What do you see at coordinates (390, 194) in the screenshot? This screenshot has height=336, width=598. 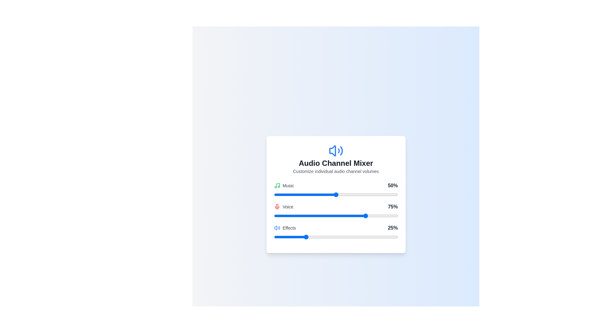 I see `music volume` at bounding box center [390, 194].